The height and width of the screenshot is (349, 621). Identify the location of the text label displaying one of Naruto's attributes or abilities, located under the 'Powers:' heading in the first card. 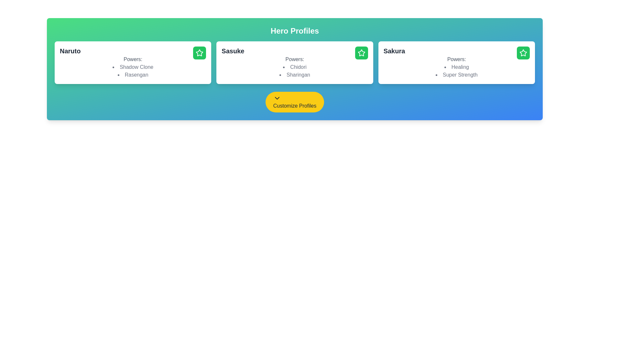
(133, 67).